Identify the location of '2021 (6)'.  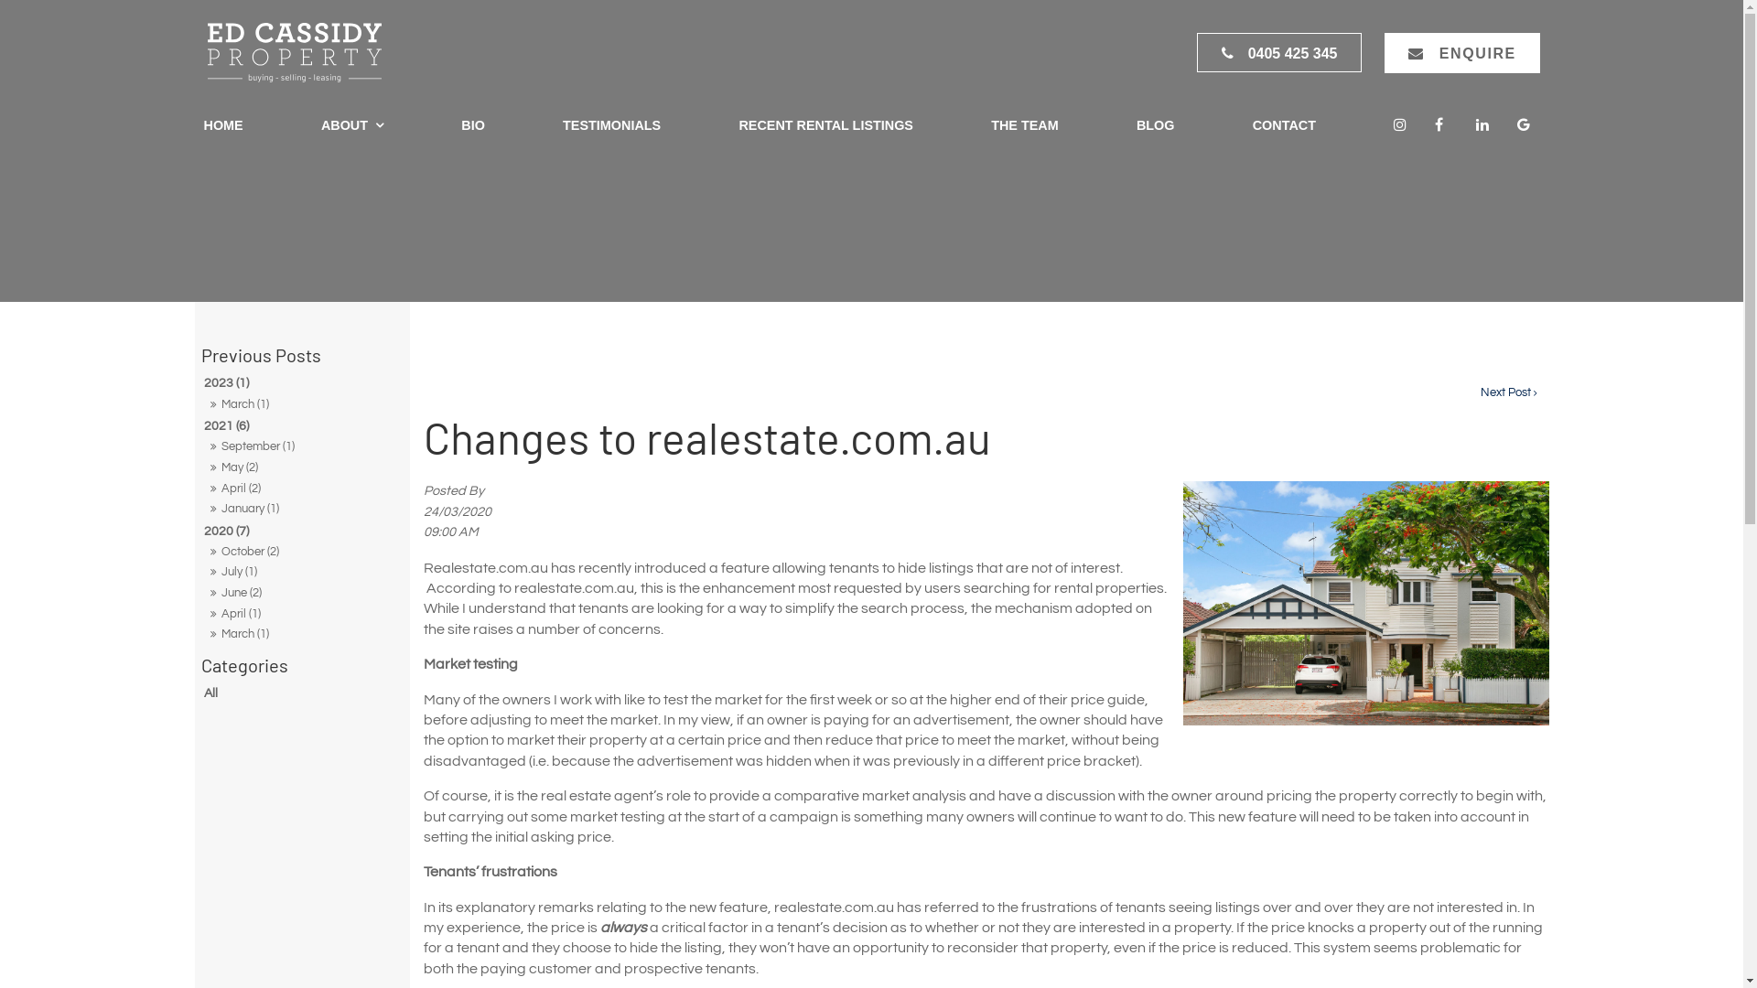
(302, 425).